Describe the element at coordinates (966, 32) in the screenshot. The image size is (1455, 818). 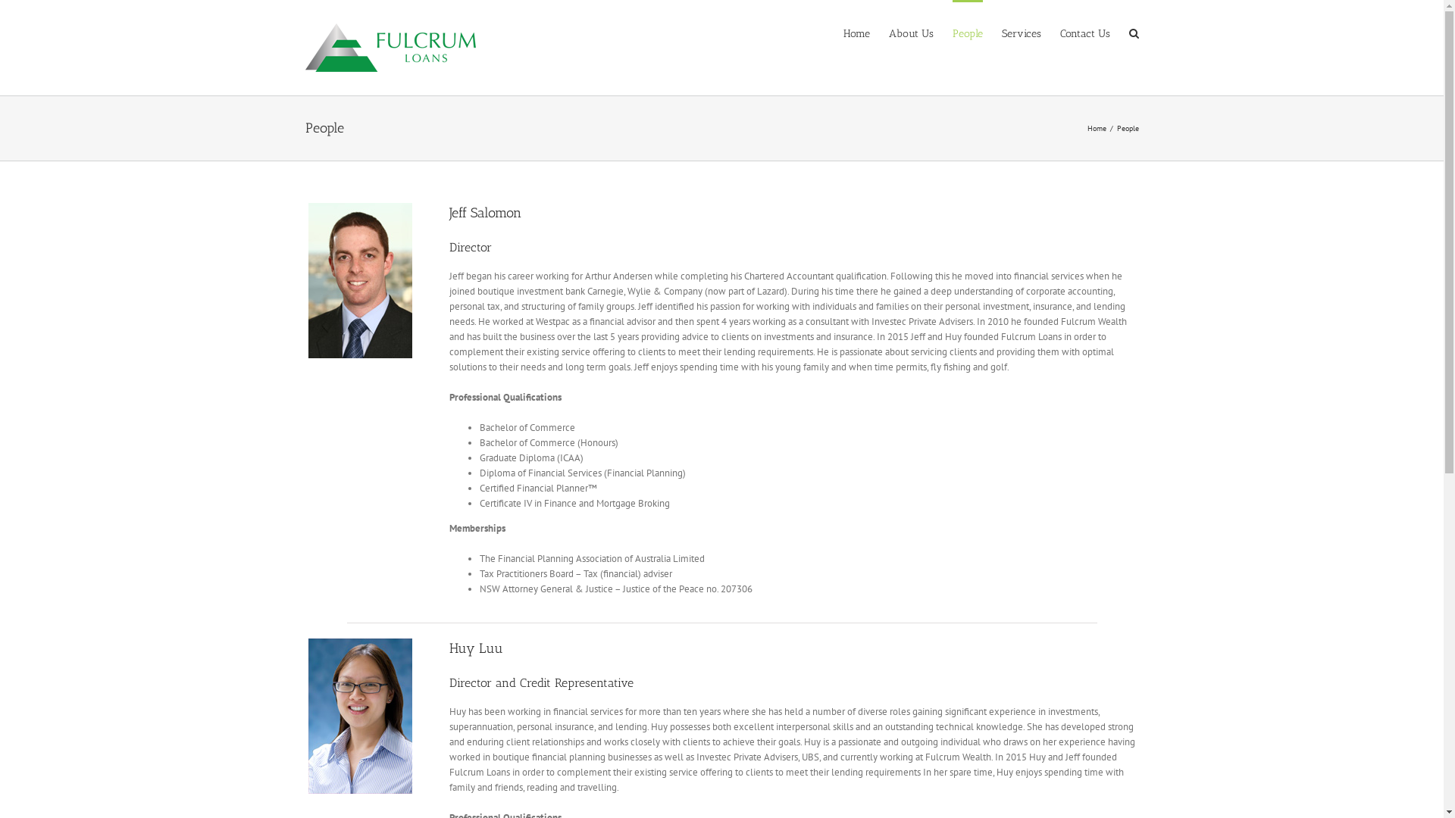
I see `'People'` at that location.